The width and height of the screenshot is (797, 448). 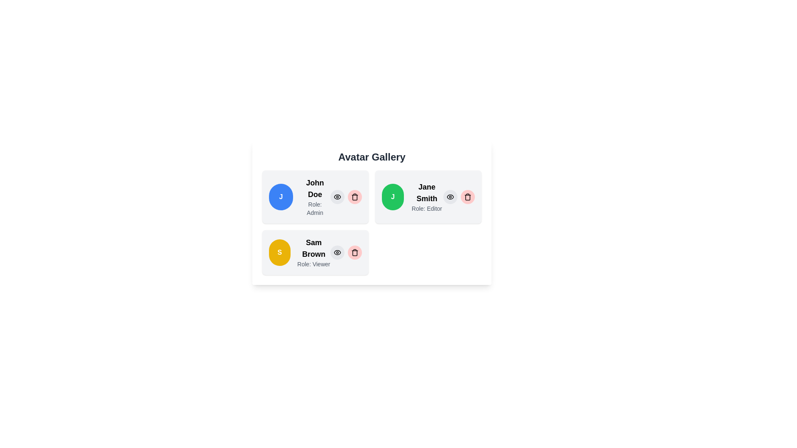 What do you see at coordinates (450, 197) in the screenshot?
I see `the toggle visibility icon located adjacent to 'Jane Smith Role: Editor'` at bounding box center [450, 197].